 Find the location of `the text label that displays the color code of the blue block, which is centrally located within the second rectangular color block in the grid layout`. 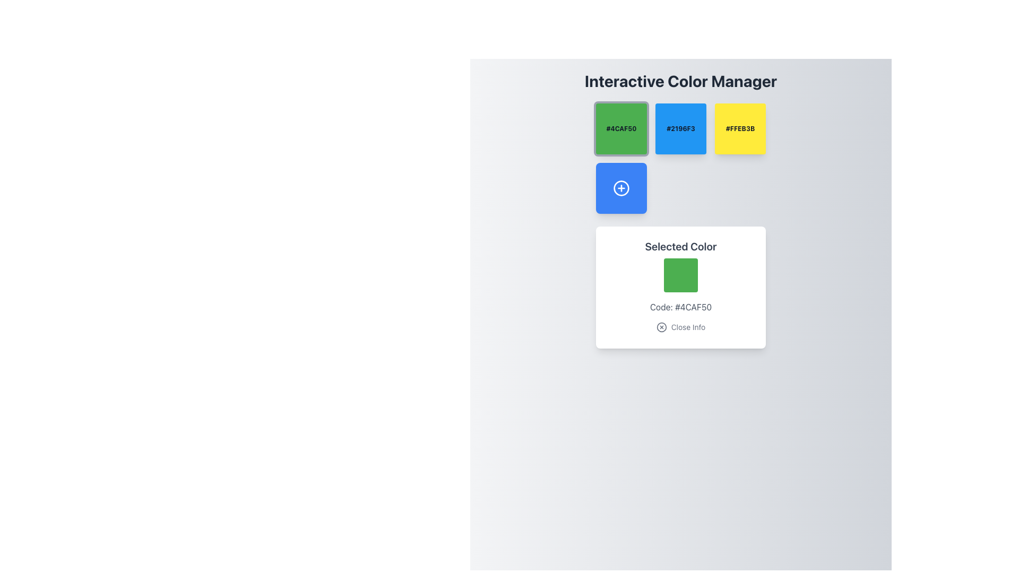

the text label that displays the color code of the blue block, which is centrally located within the second rectangular color block in the grid layout is located at coordinates (680, 128).